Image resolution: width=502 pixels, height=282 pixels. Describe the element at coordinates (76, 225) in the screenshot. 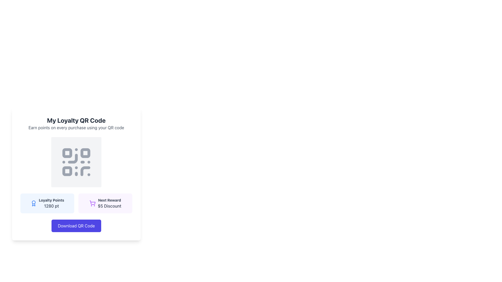

I see `the download QR code button located at the bottom of the card layout` at that location.